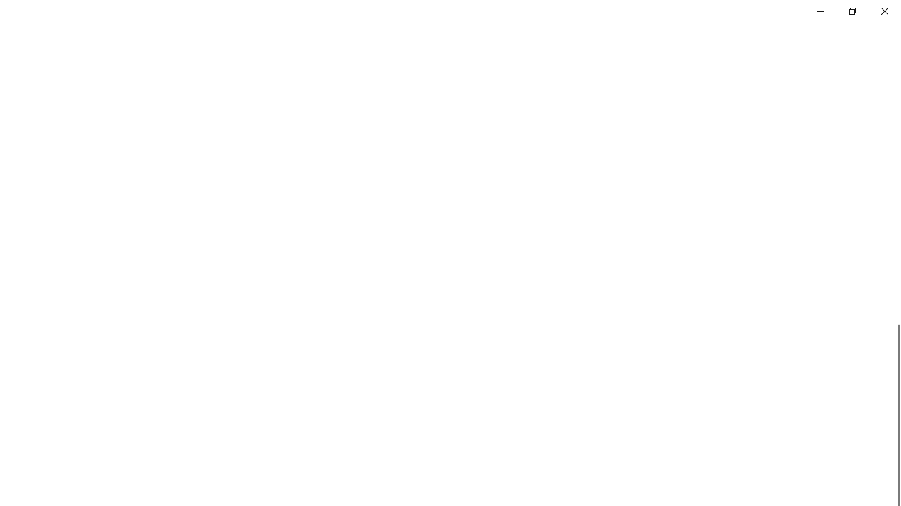 The width and height of the screenshot is (901, 506). Describe the element at coordinates (851, 11) in the screenshot. I see `'Restore Settings'` at that location.